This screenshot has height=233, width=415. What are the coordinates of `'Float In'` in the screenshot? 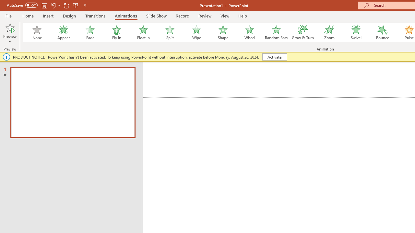 It's located at (143, 32).